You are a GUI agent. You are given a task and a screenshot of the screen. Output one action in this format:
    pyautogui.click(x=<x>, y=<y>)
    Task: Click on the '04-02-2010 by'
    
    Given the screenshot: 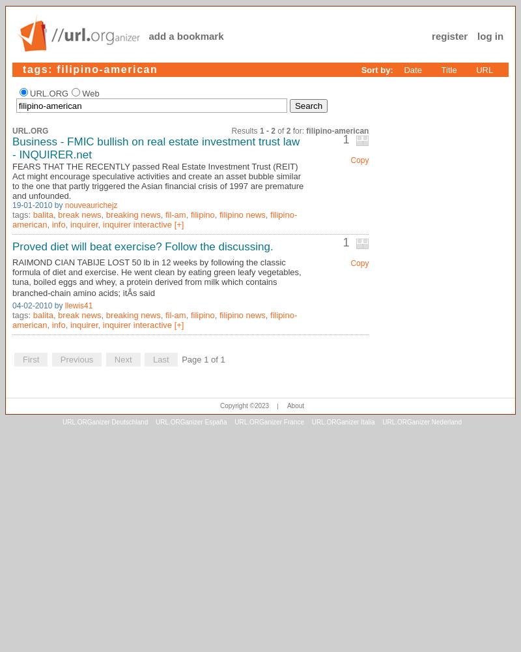 What is the action you would take?
    pyautogui.click(x=12, y=305)
    